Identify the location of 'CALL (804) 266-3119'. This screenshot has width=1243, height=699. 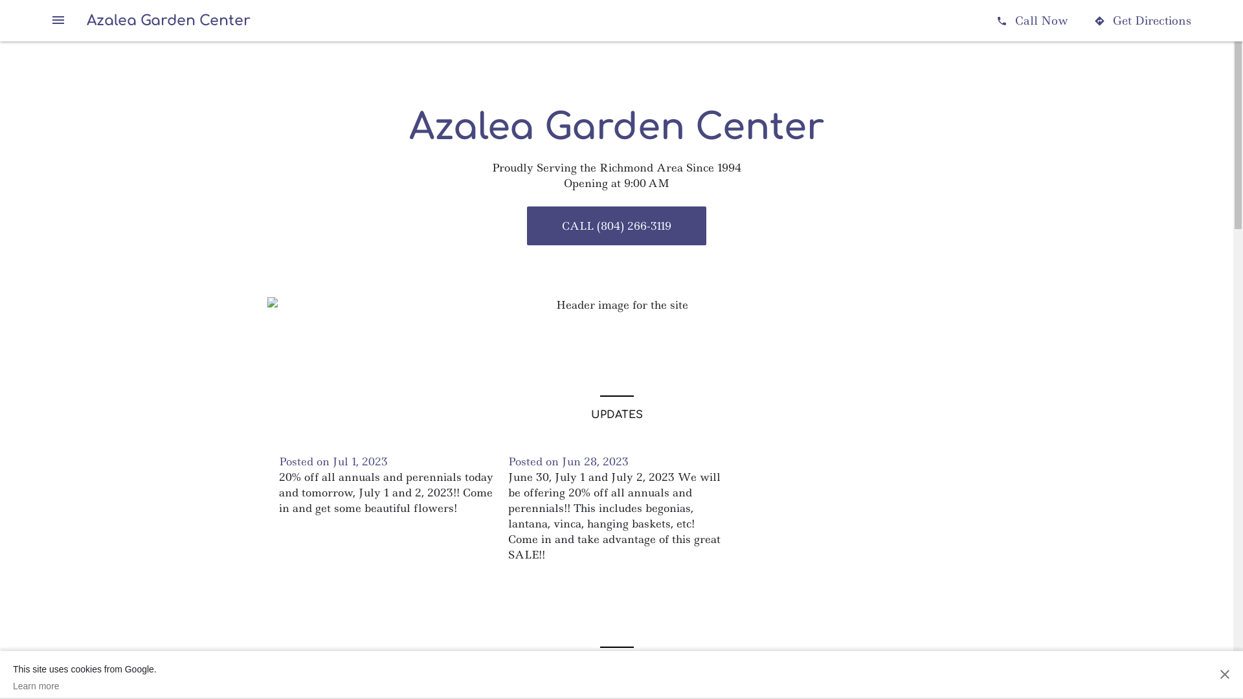
(616, 225).